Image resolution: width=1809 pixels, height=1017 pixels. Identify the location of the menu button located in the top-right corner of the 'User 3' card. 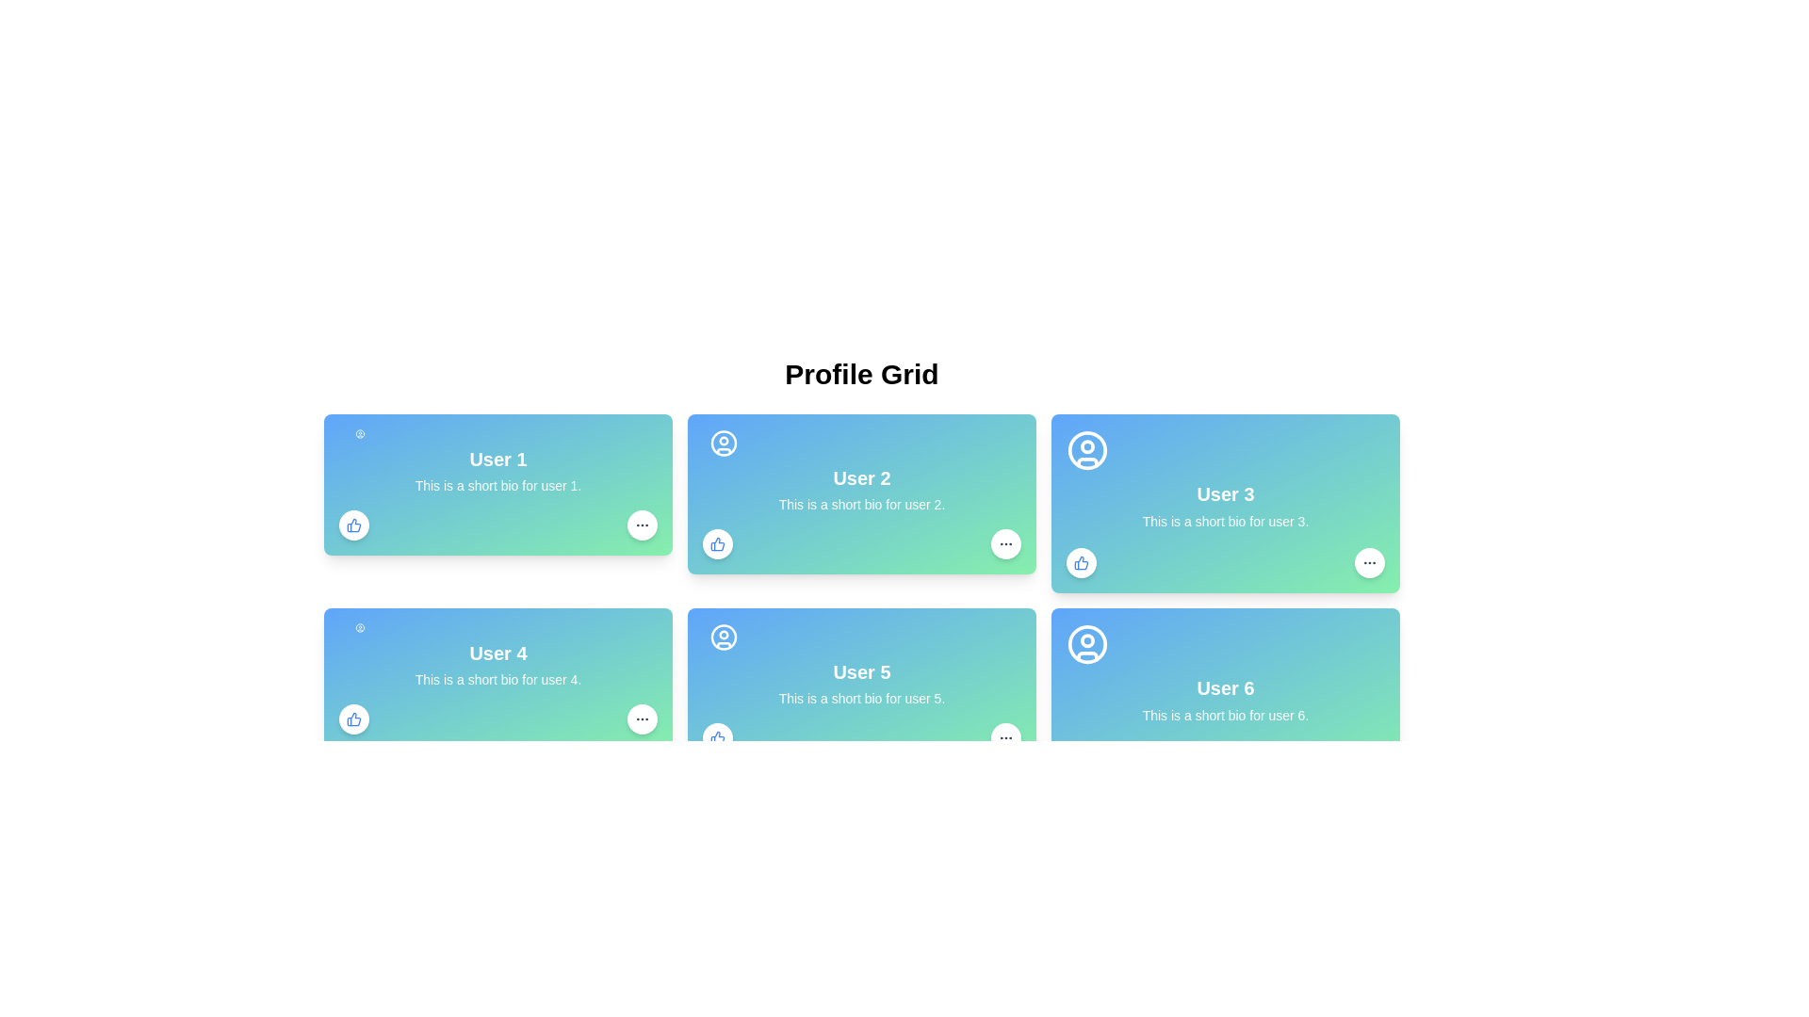
(1370, 561).